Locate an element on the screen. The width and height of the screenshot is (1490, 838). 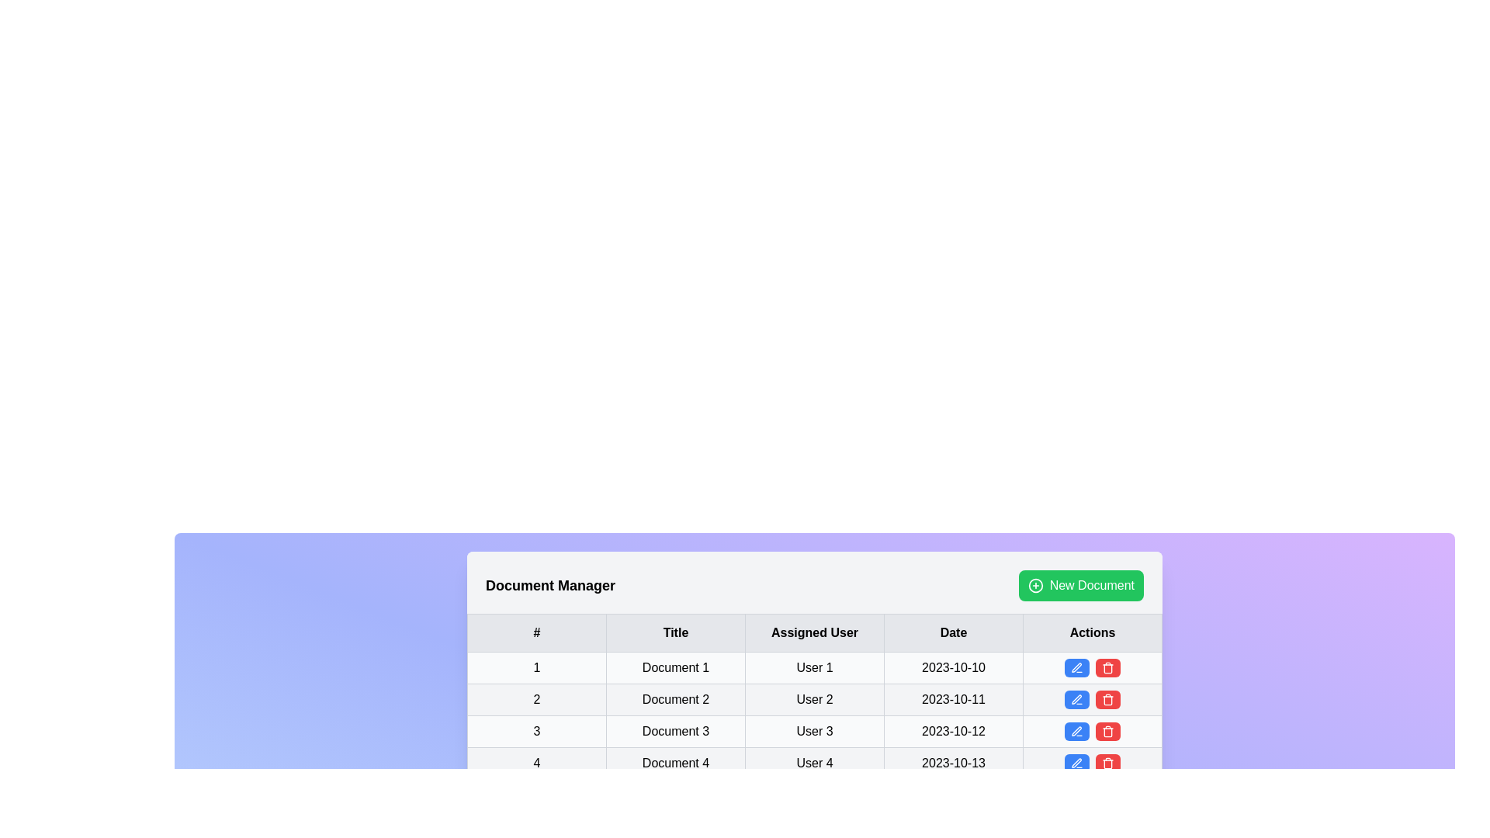
the first cell in the first data row of the table, located in the leftmost column beneath the column header titled '#' is located at coordinates (536, 667).